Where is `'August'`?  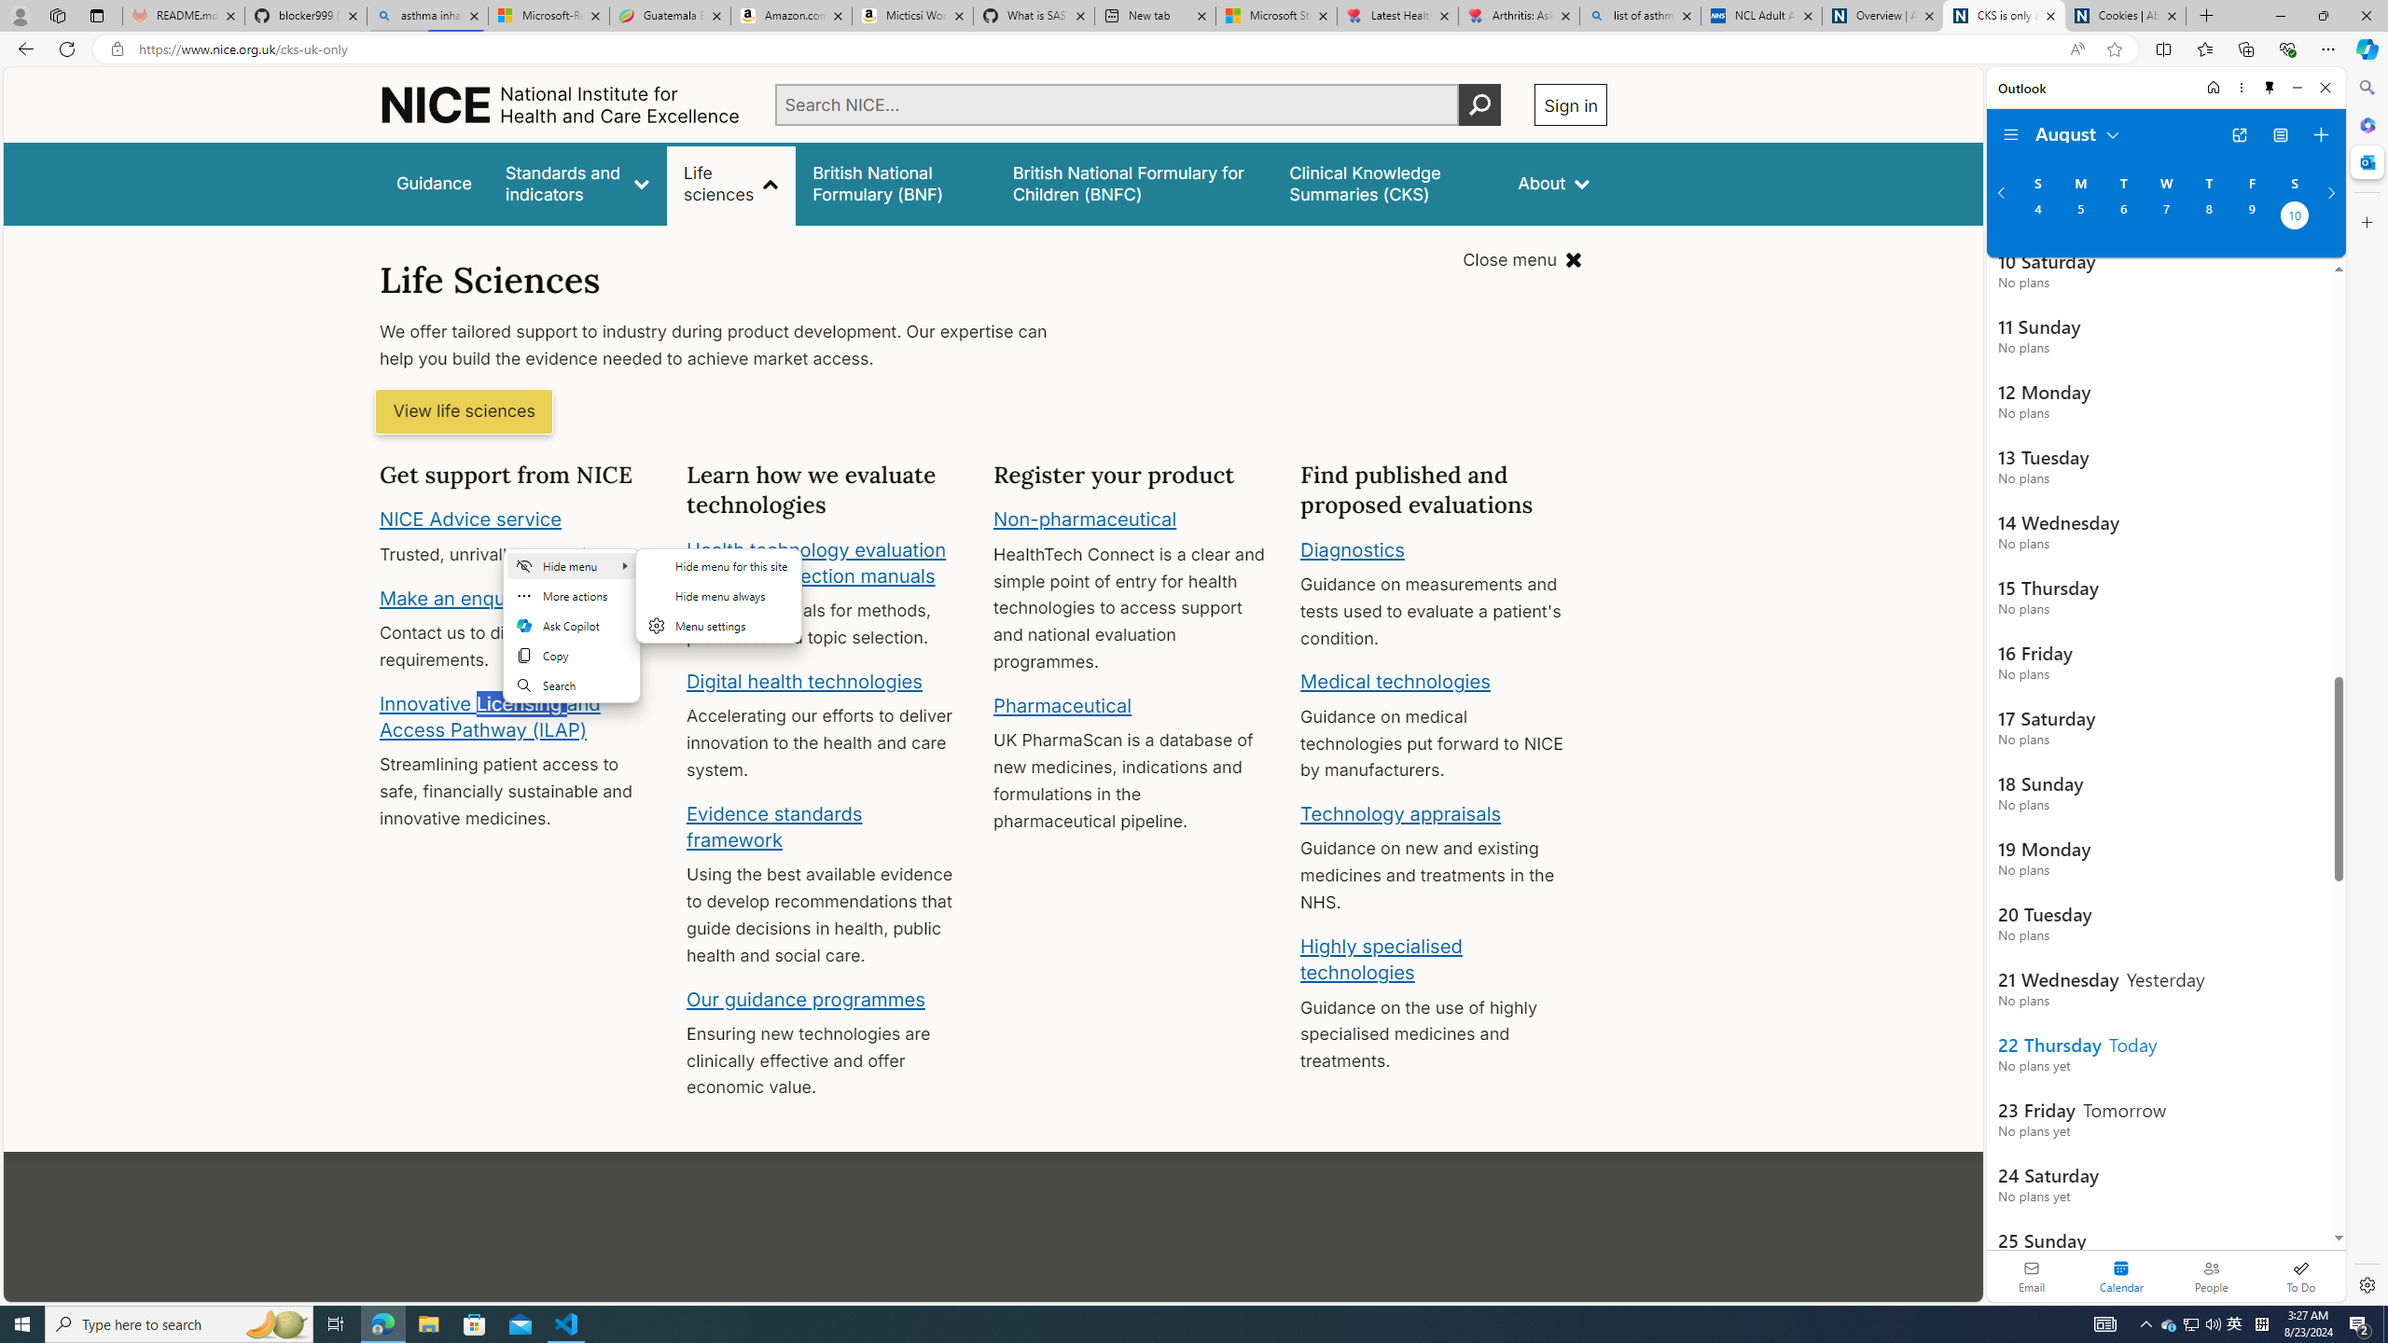
'August' is located at coordinates (2077, 132).